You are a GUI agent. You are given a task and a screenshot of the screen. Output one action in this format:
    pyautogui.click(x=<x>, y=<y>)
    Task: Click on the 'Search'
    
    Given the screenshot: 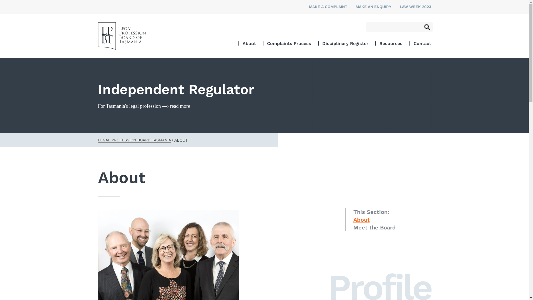 What is the action you would take?
    pyautogui.click(x=427, y=27)
    